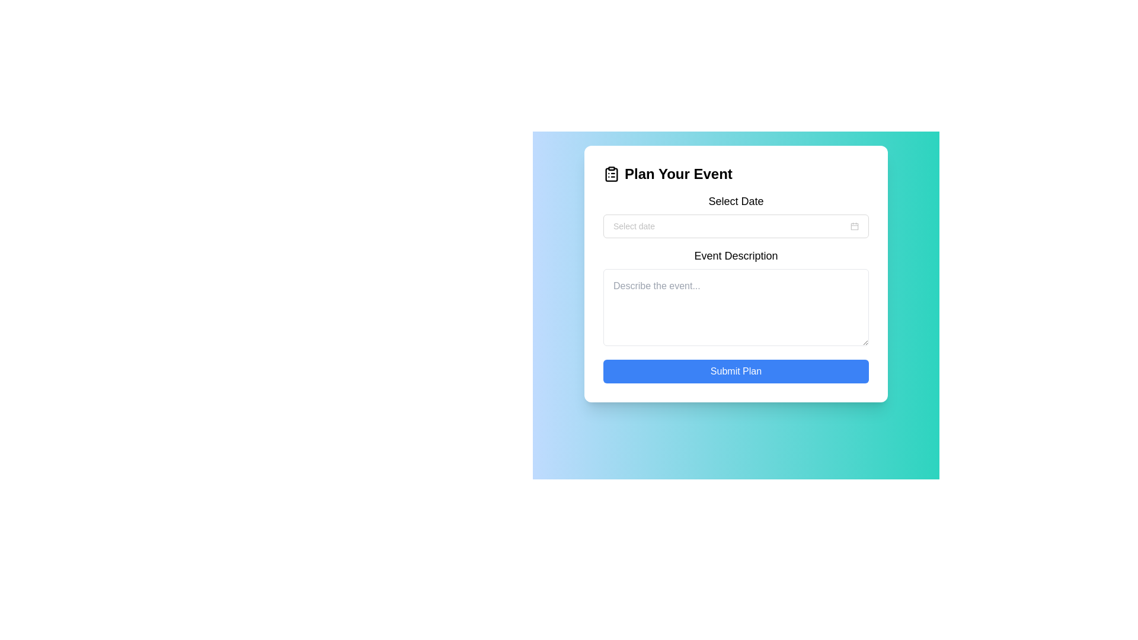  What do you see at coordinates (730, 226) in the screenshot?
I see `the date input field below the title 'Select Date'` at bounding box center [730, 226].